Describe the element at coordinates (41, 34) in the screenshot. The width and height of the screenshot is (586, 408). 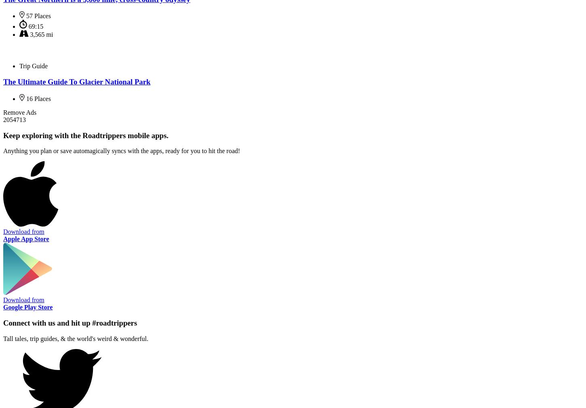
I see `'3,565 mi'` at that location.